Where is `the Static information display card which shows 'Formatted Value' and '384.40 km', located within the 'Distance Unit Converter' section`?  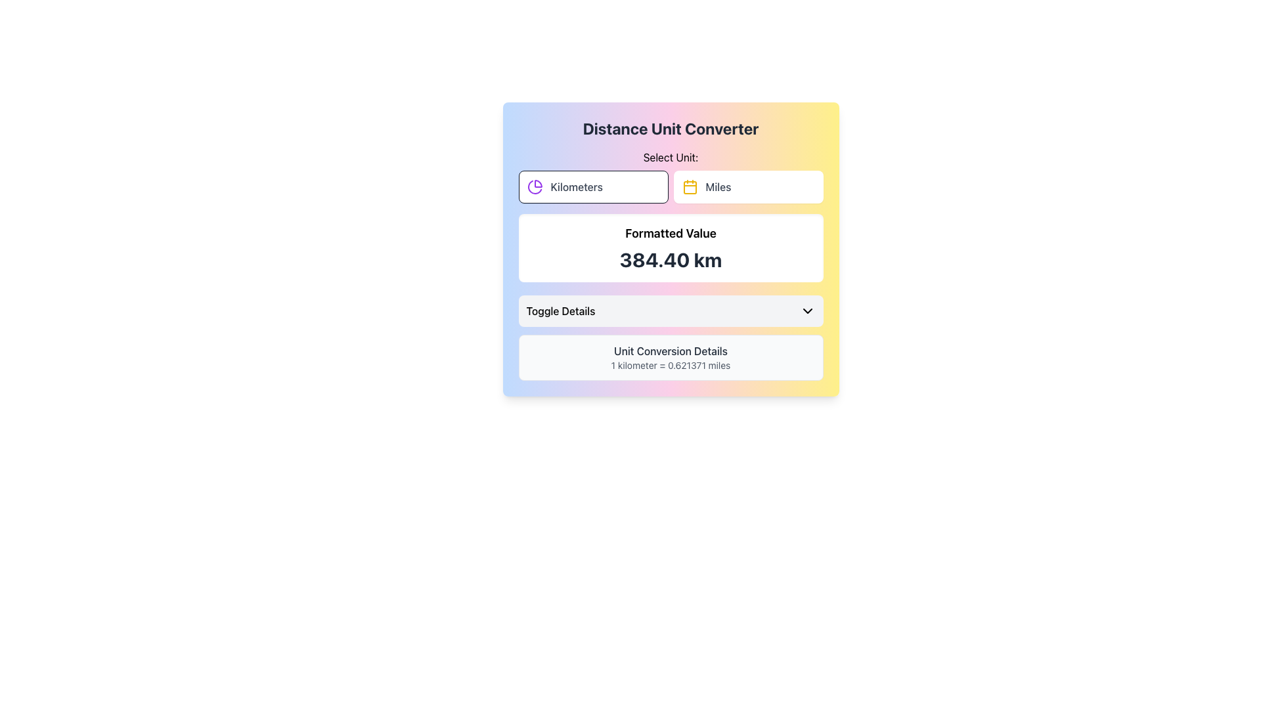
the Static information display card which shows 'Formatted Value' and '384.40 km', located within the 'Distance Unit Converter' section is located at coordinates (671, 248).